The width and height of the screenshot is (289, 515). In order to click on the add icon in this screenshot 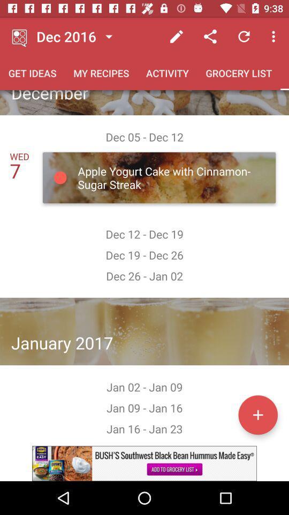, I will do `click(257, 414)`.